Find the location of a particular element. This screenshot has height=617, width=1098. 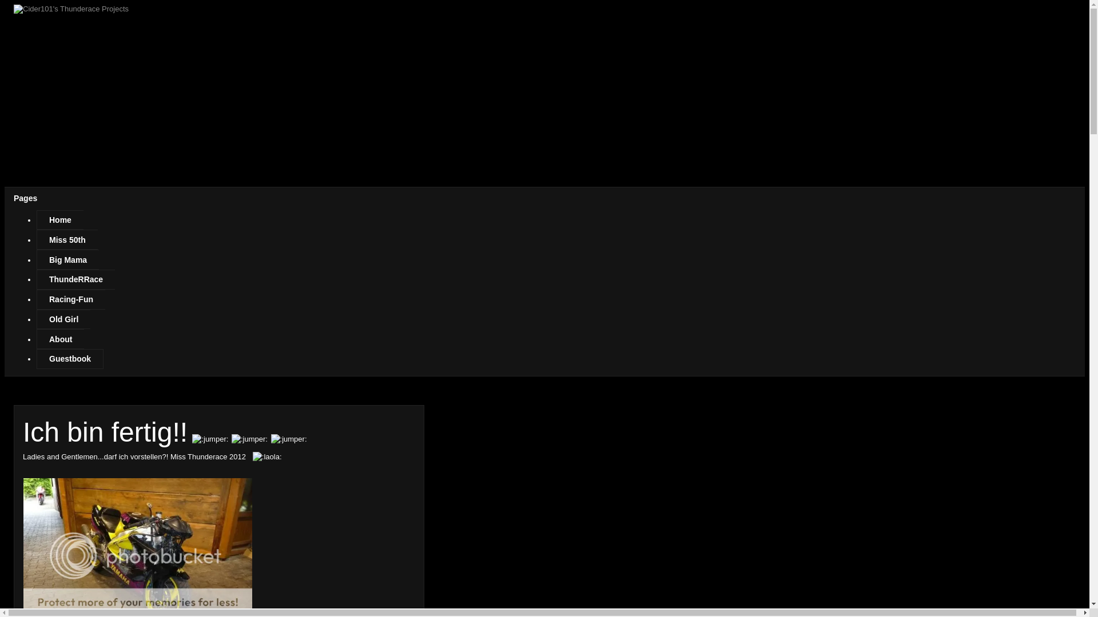

'jumper' is located at coordinates (289, 438).